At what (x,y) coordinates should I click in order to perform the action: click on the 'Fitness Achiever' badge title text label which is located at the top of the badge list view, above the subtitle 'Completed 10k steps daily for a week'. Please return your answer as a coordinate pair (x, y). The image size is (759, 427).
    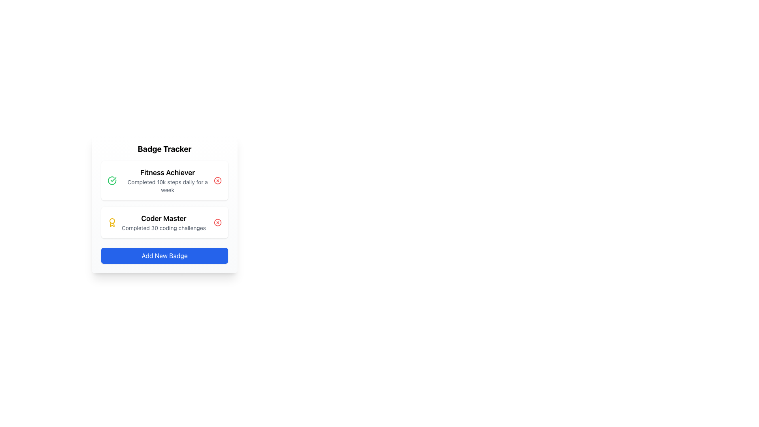
    Looking at the image, I should click on (167, 172).